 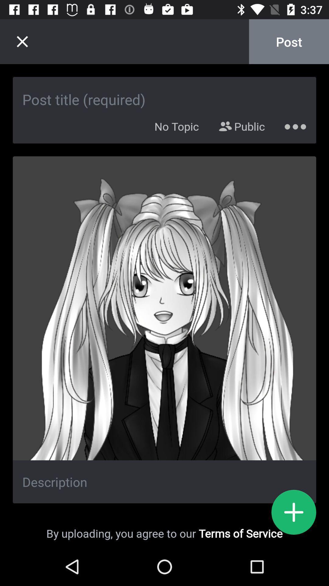 I want to click on the add icon, so click(x=293, y=512).